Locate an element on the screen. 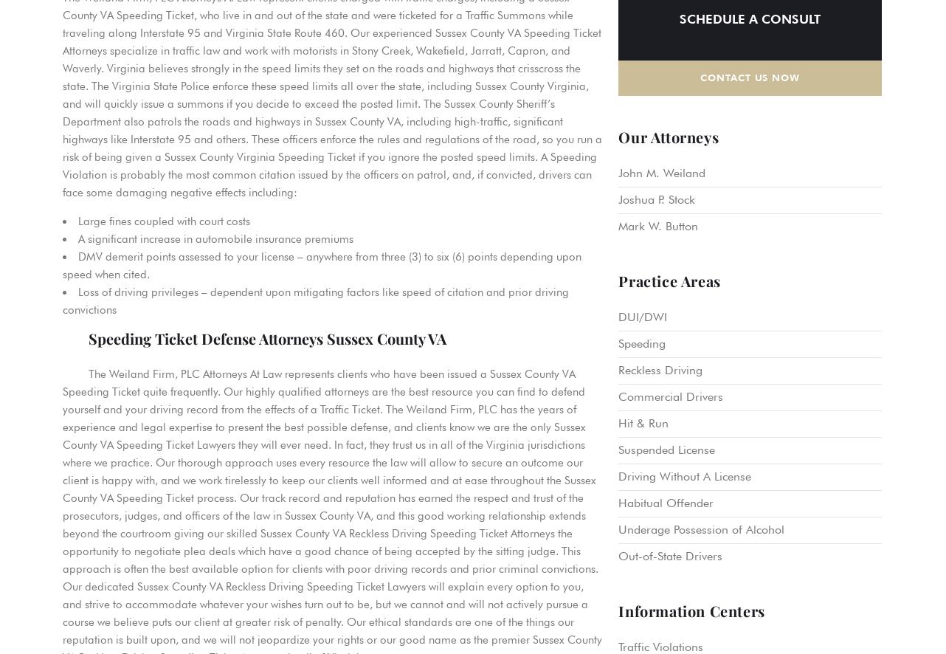  'Petersburg' is located at coordinates (528, 10).